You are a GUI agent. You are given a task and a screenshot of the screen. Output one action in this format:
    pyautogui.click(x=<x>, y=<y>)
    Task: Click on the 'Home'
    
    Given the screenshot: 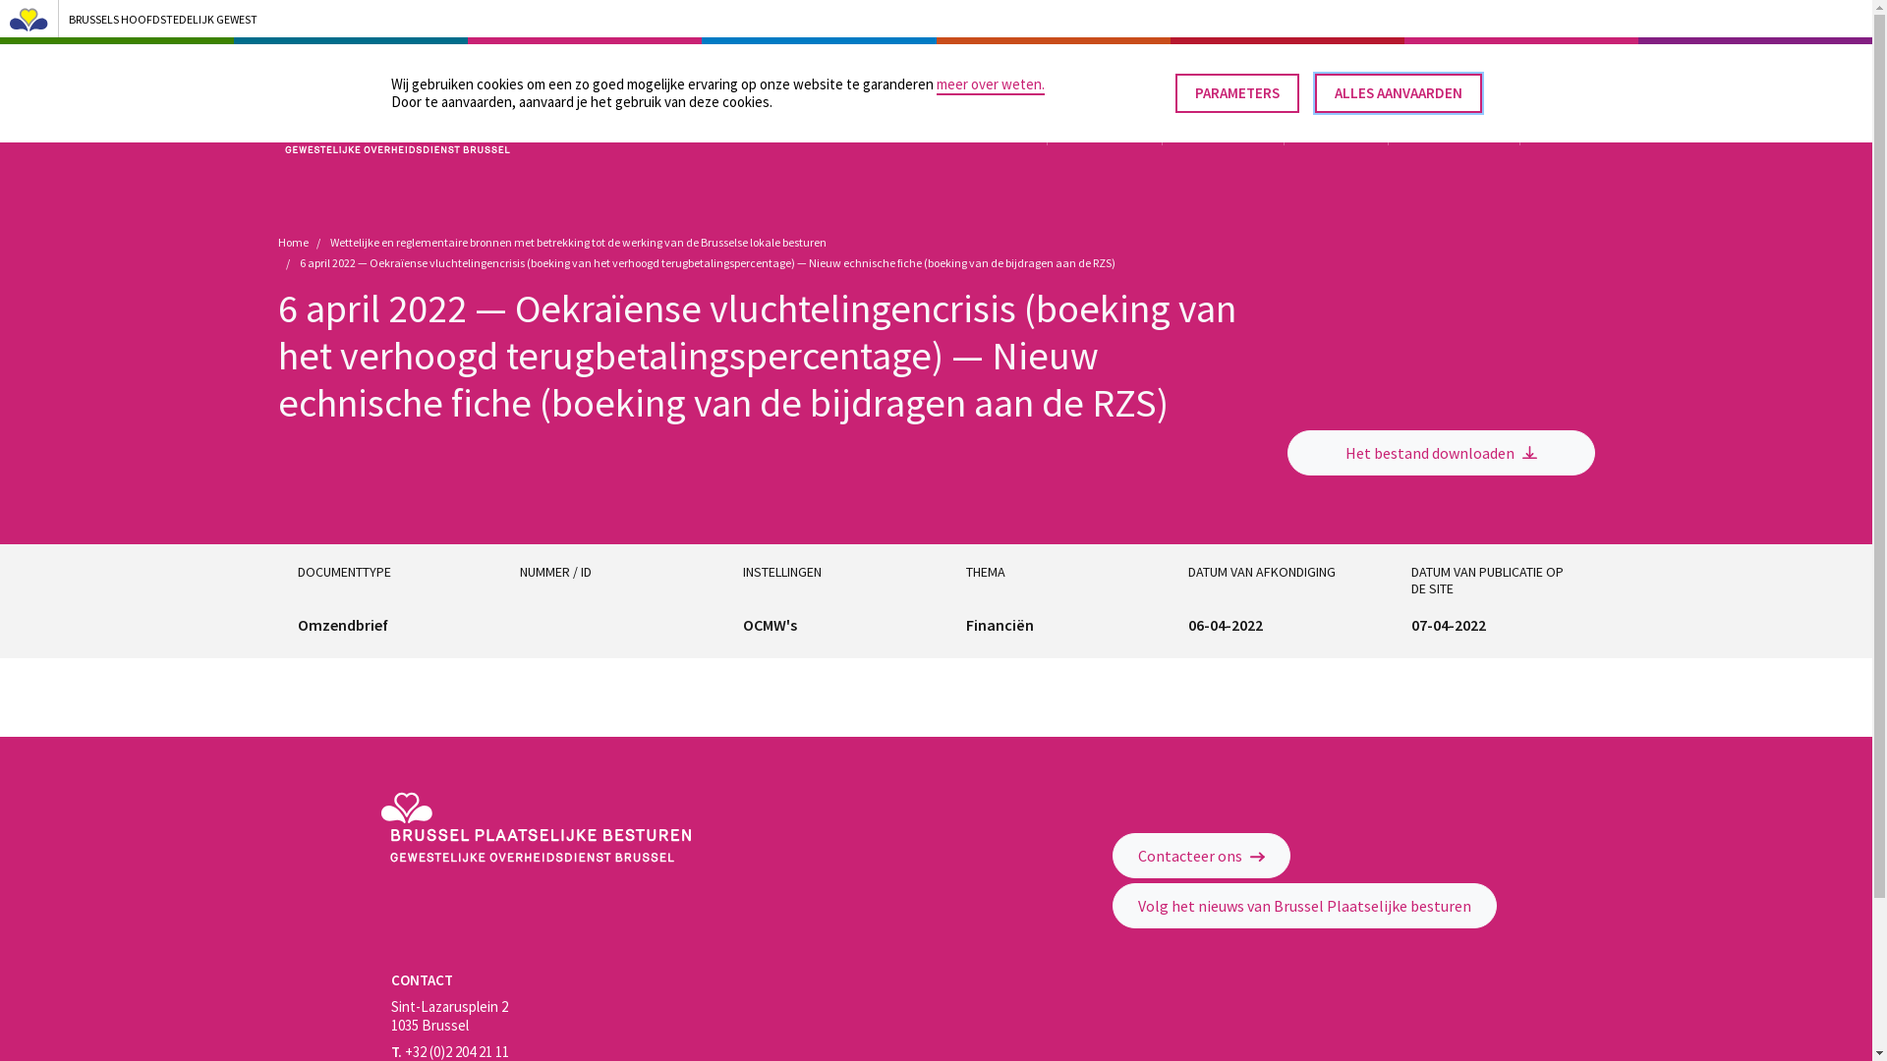 What is the action you would take?
    pyautogui.click(x=291, y=241)
    